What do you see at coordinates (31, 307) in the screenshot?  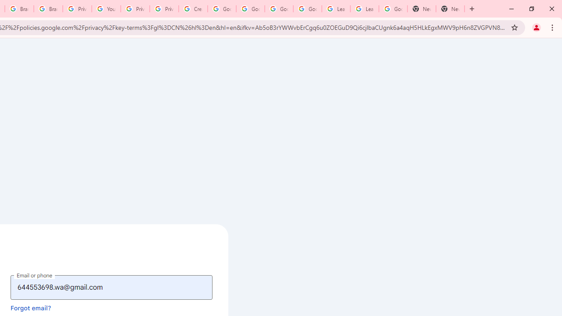 I see `'Forgot email?'` at bounding box center [31, 307].